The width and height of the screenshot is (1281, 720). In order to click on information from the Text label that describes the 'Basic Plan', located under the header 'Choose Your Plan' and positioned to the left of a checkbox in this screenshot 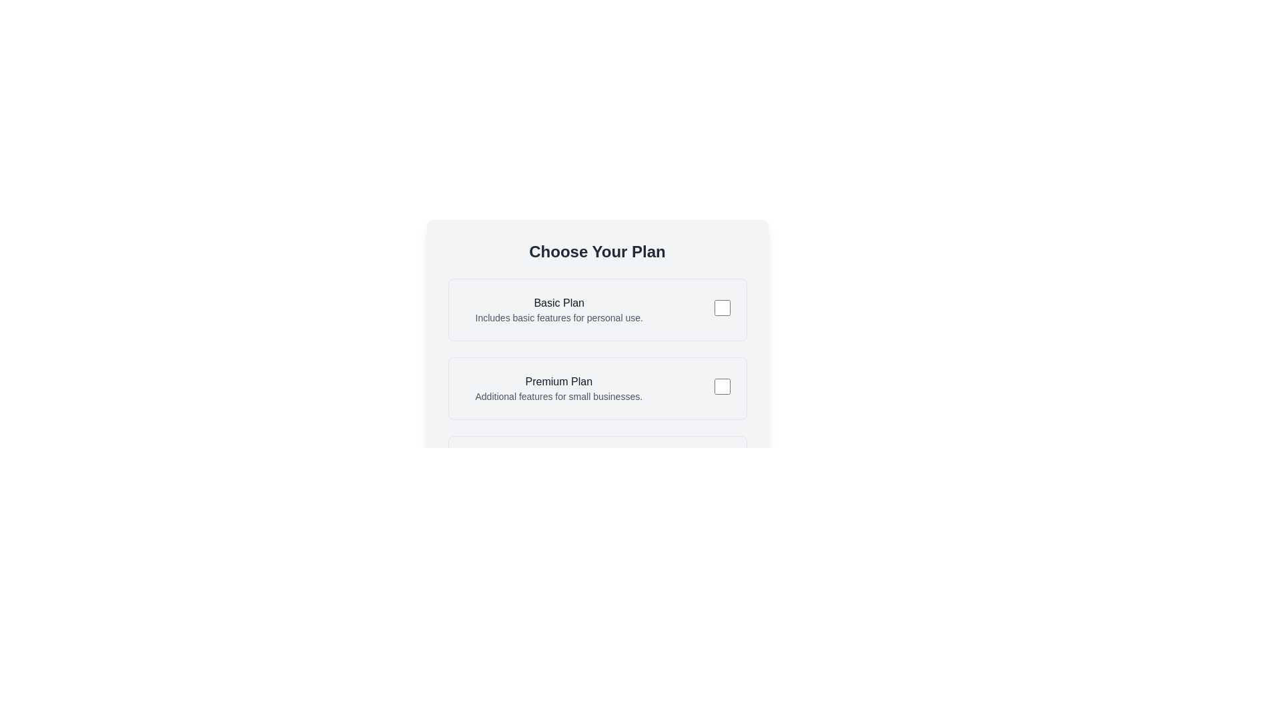, I will do `click(559, 310)`.